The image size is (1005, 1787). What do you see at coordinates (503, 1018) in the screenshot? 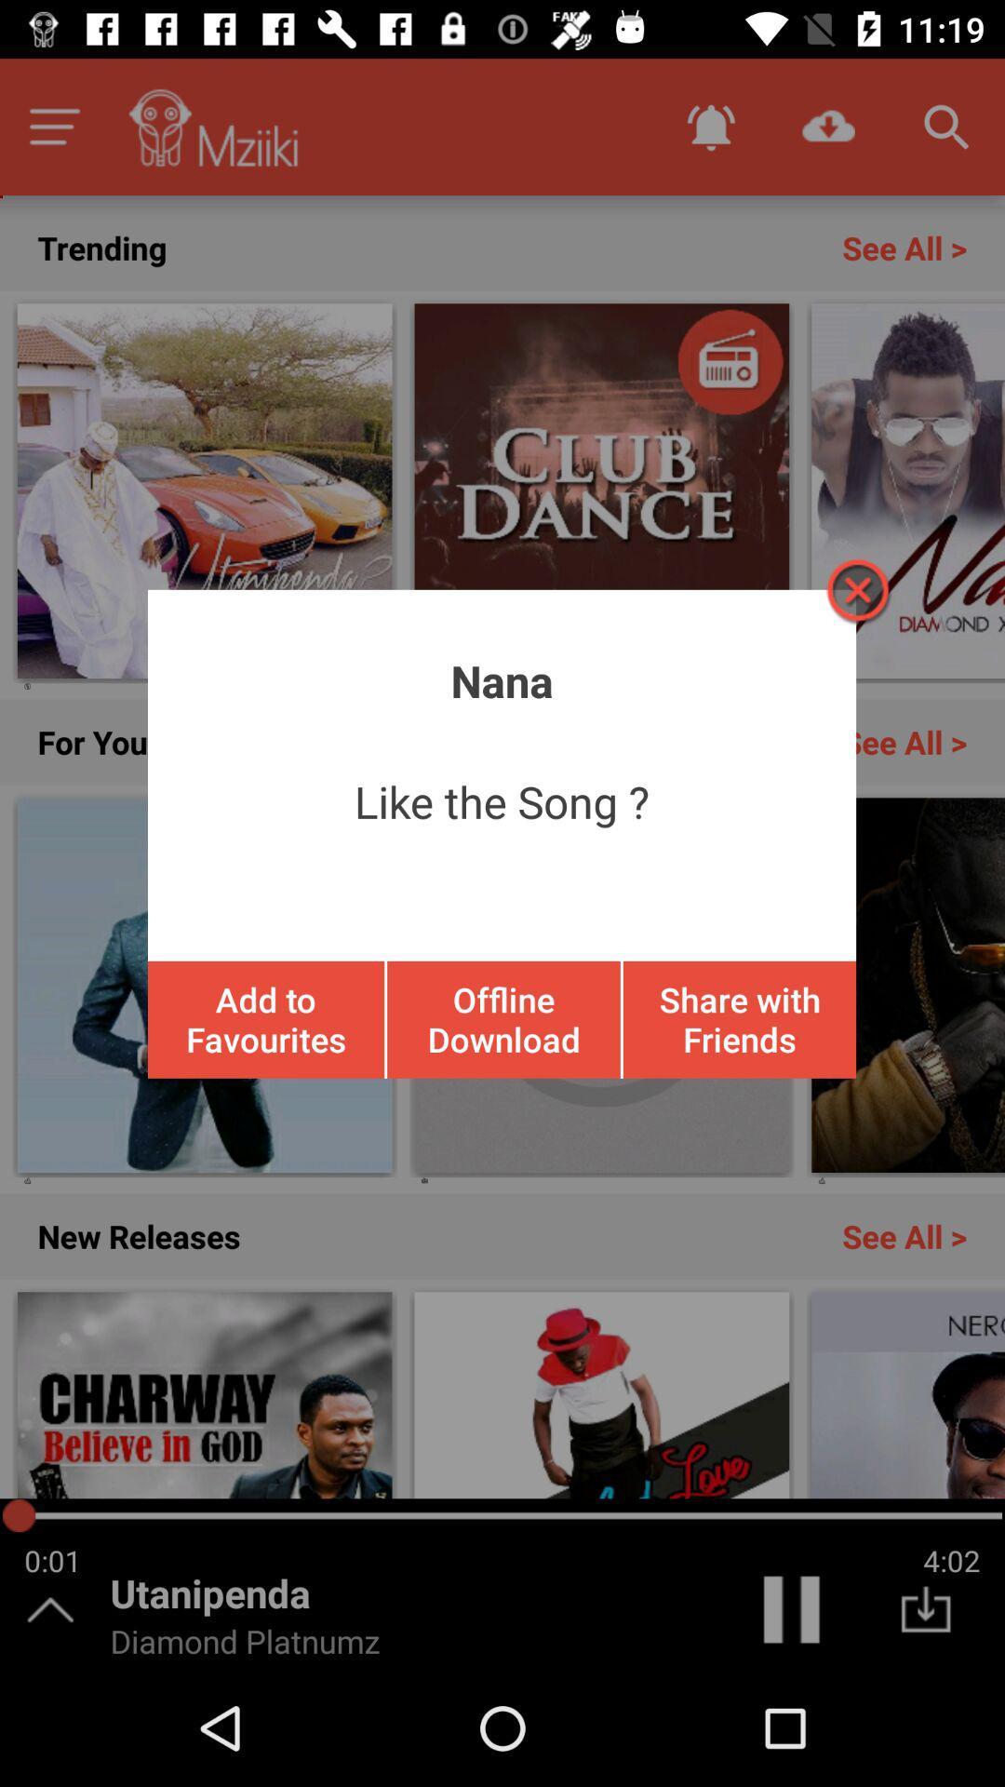
I see `icon next to the share with friends item` at bounding box center [503, 1018].